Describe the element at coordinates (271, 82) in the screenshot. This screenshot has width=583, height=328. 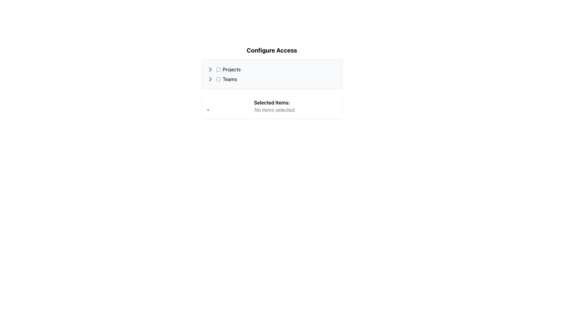
I see `the interactive panel titled 'Configure Access' to highlight or activate its nested elements such as buttons and checkboxes` at that location.